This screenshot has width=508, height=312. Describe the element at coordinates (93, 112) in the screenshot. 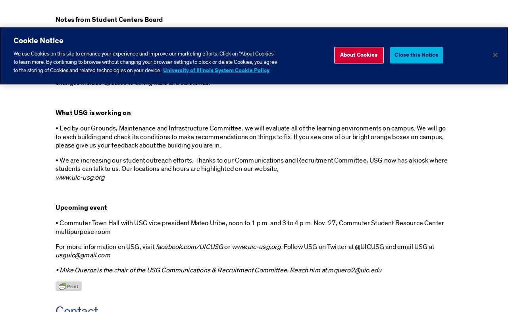

I see `'What USG is working on'` at that location.